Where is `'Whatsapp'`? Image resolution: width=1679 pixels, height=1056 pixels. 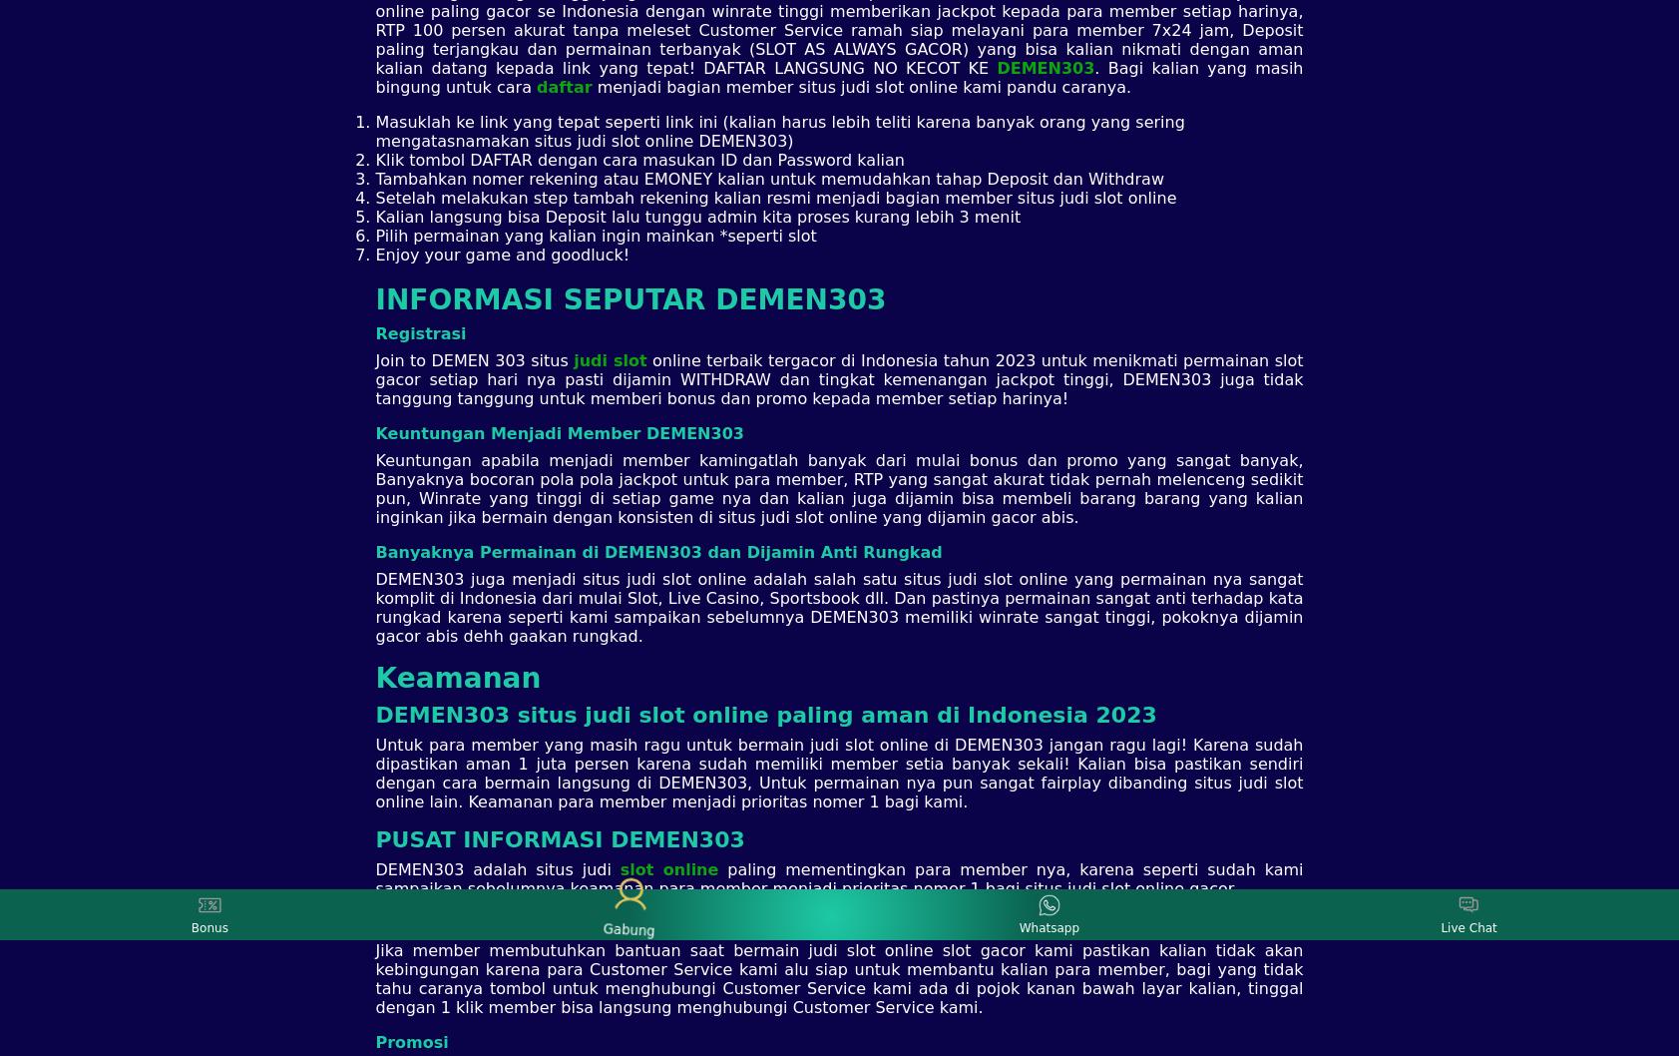
'Whatsapp' is located at coordinates (1049, 927).